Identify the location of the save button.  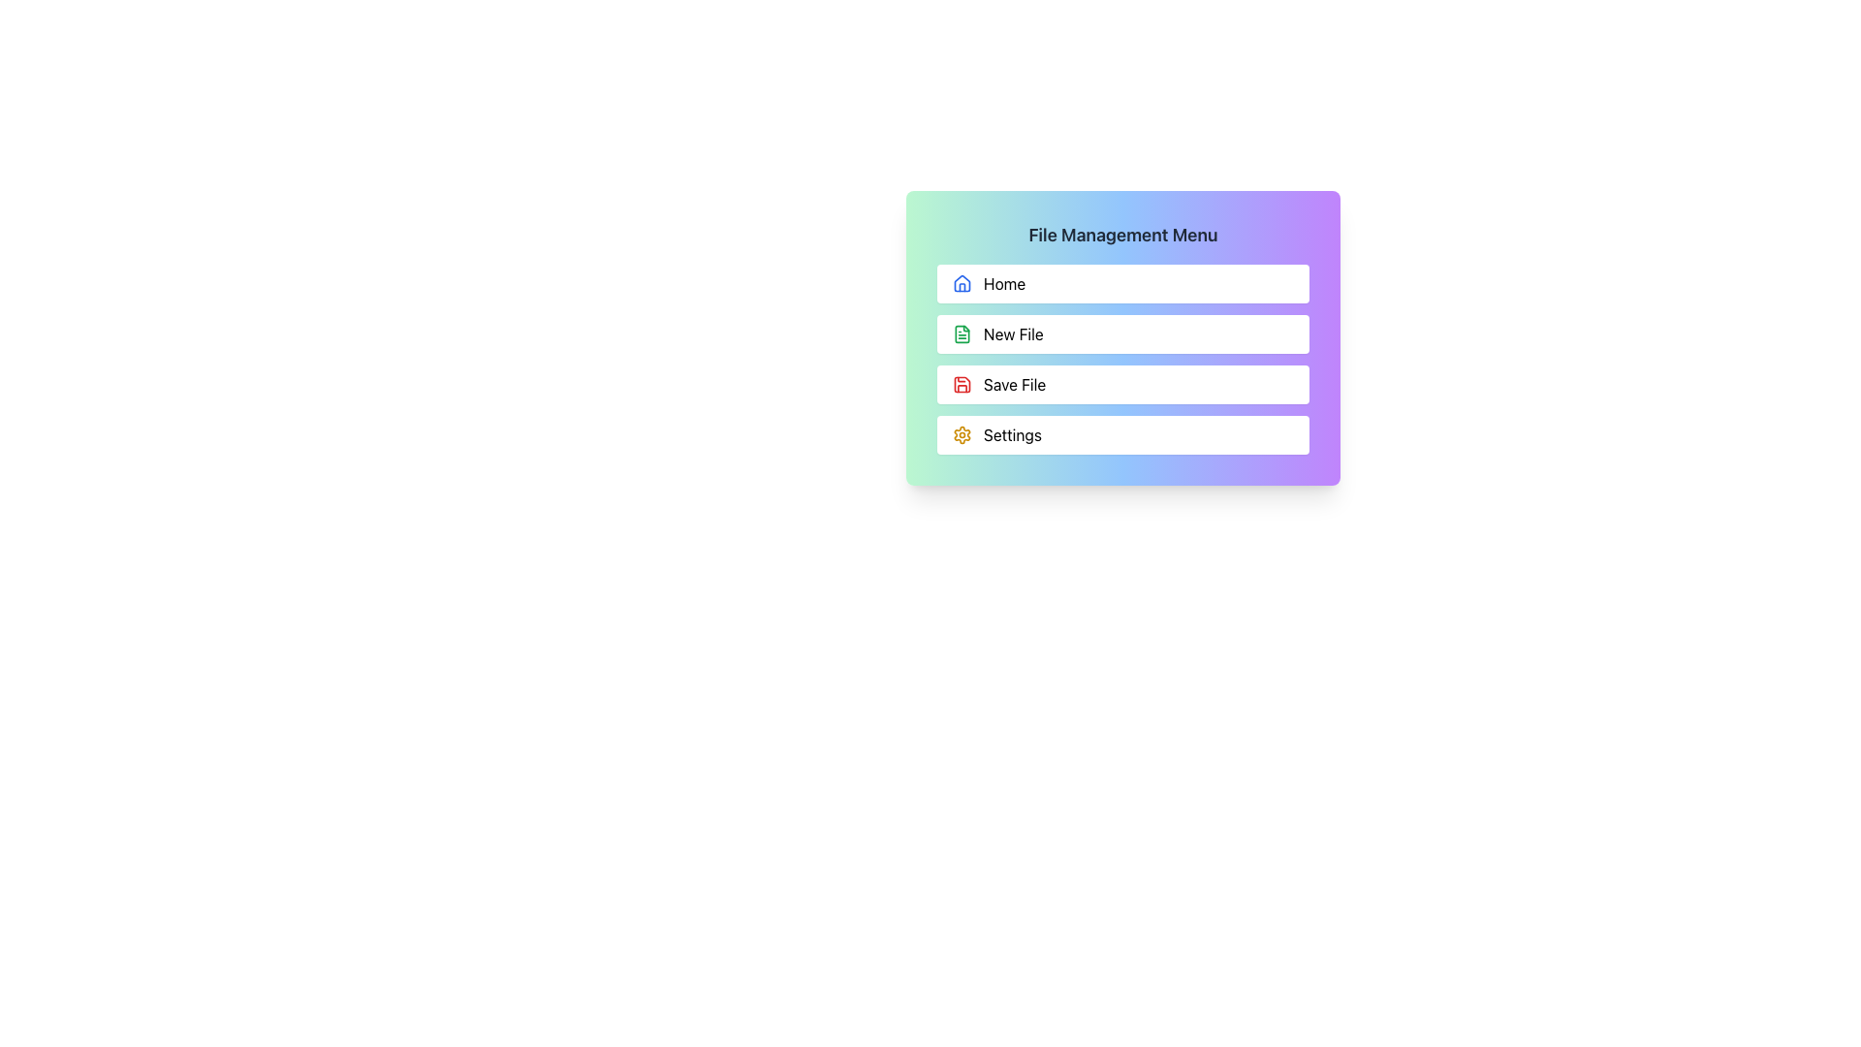
(1122, 359).